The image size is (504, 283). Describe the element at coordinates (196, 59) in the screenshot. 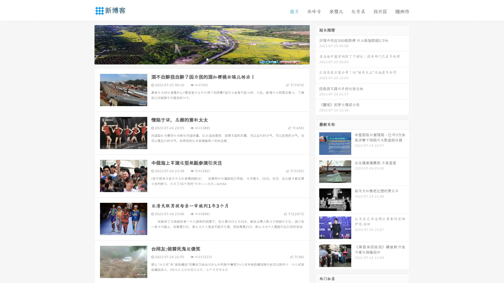

I see `Go to slide 1` at that location.